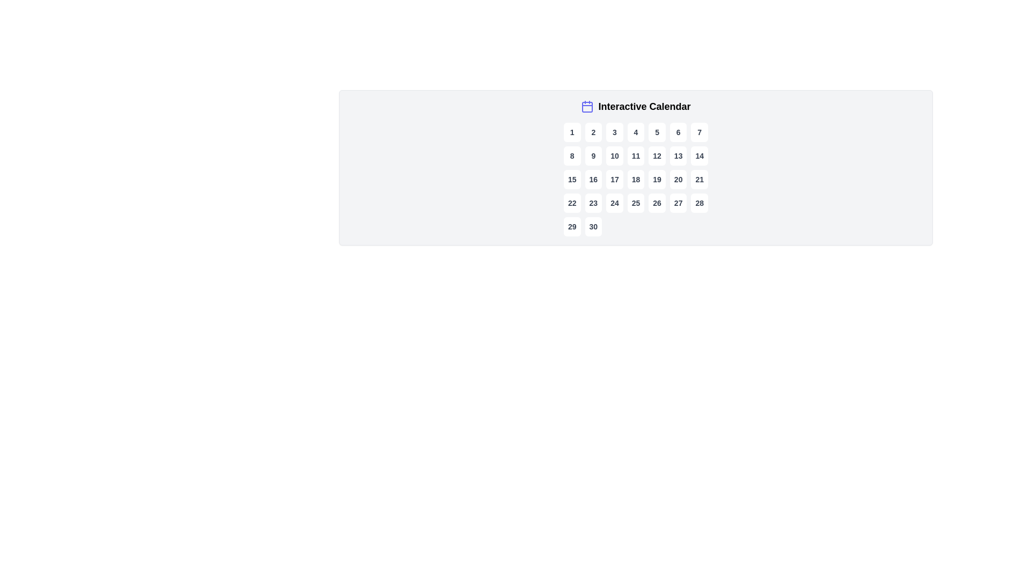  What do you see at coordinates (644, 107) in the screenshot?
I see `the text label displaying 'Interactive Calendar', which is bold and large, located to the right of a calendar icon at the top of the section` at bounding box center [644, 107].